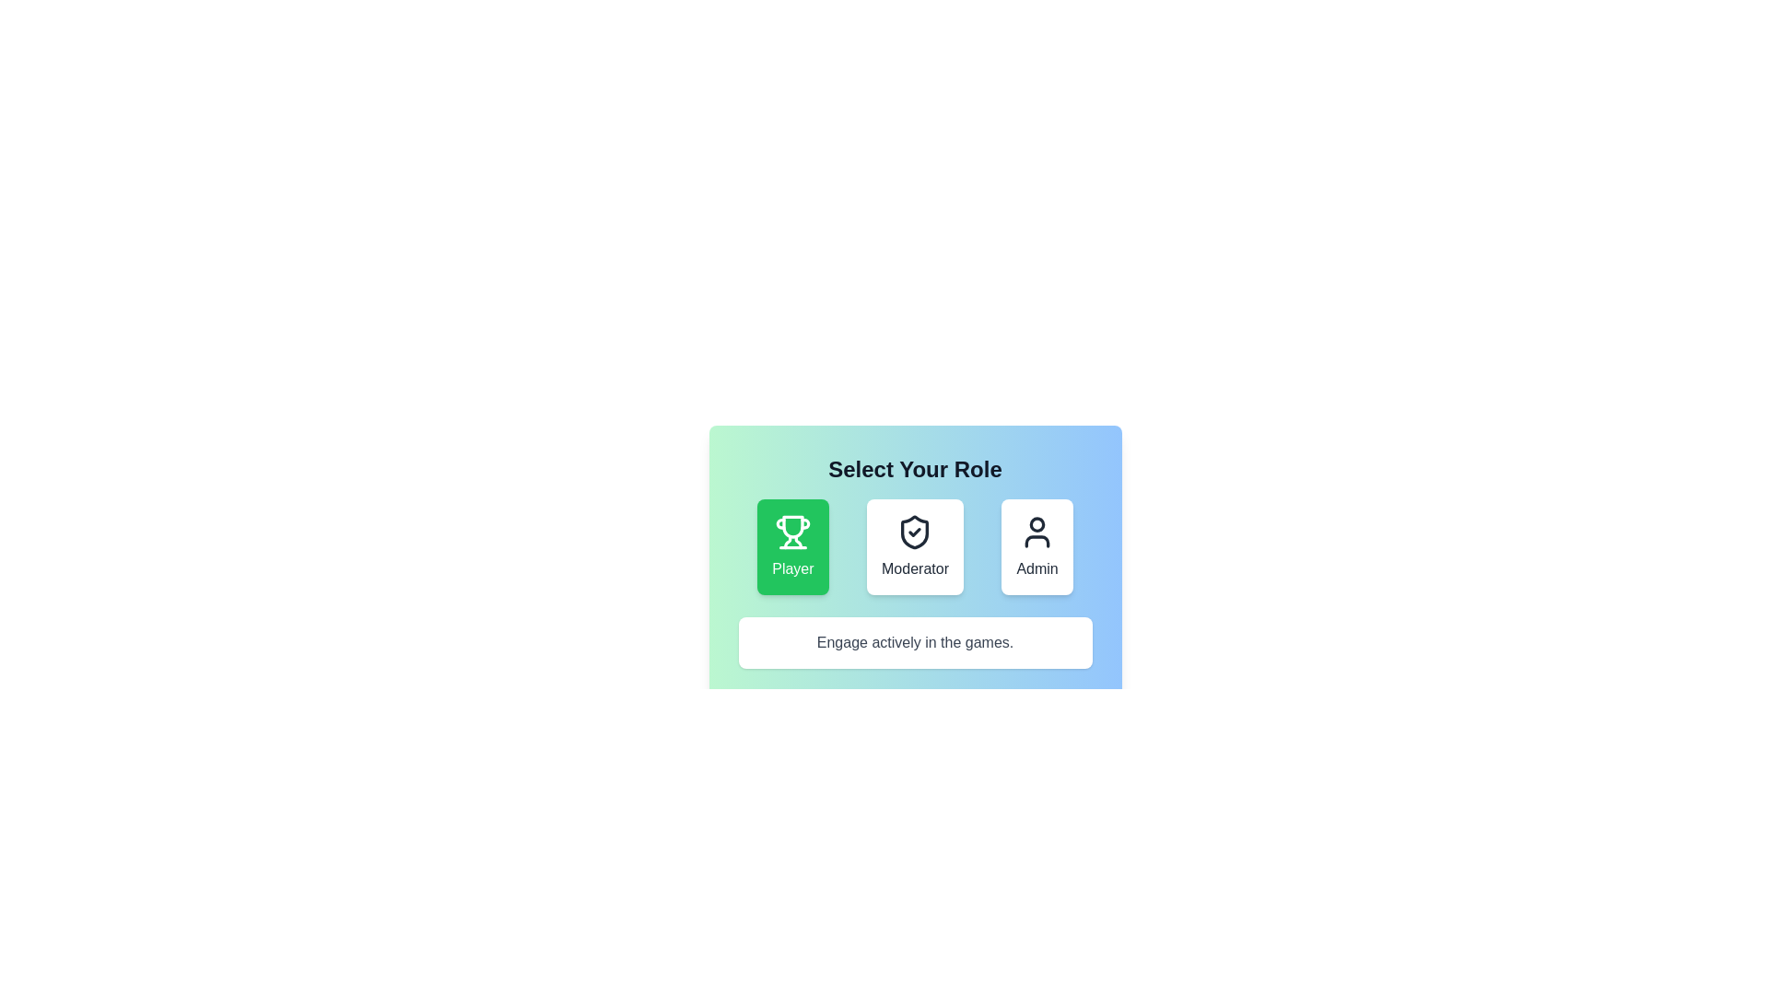 Image resolution: width=1769 pixels, height=995 pixels. I want to click on the role Player by clicking its button, so click(792, 546).